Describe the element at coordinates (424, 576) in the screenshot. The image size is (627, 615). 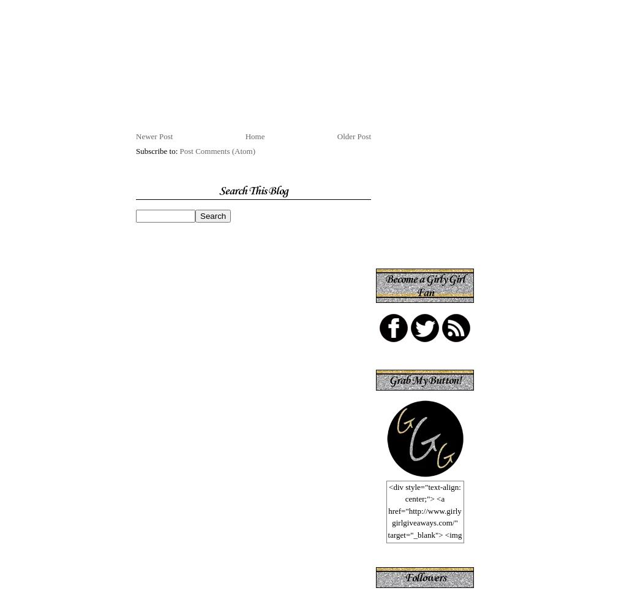
I see `'Followers'` at that location.